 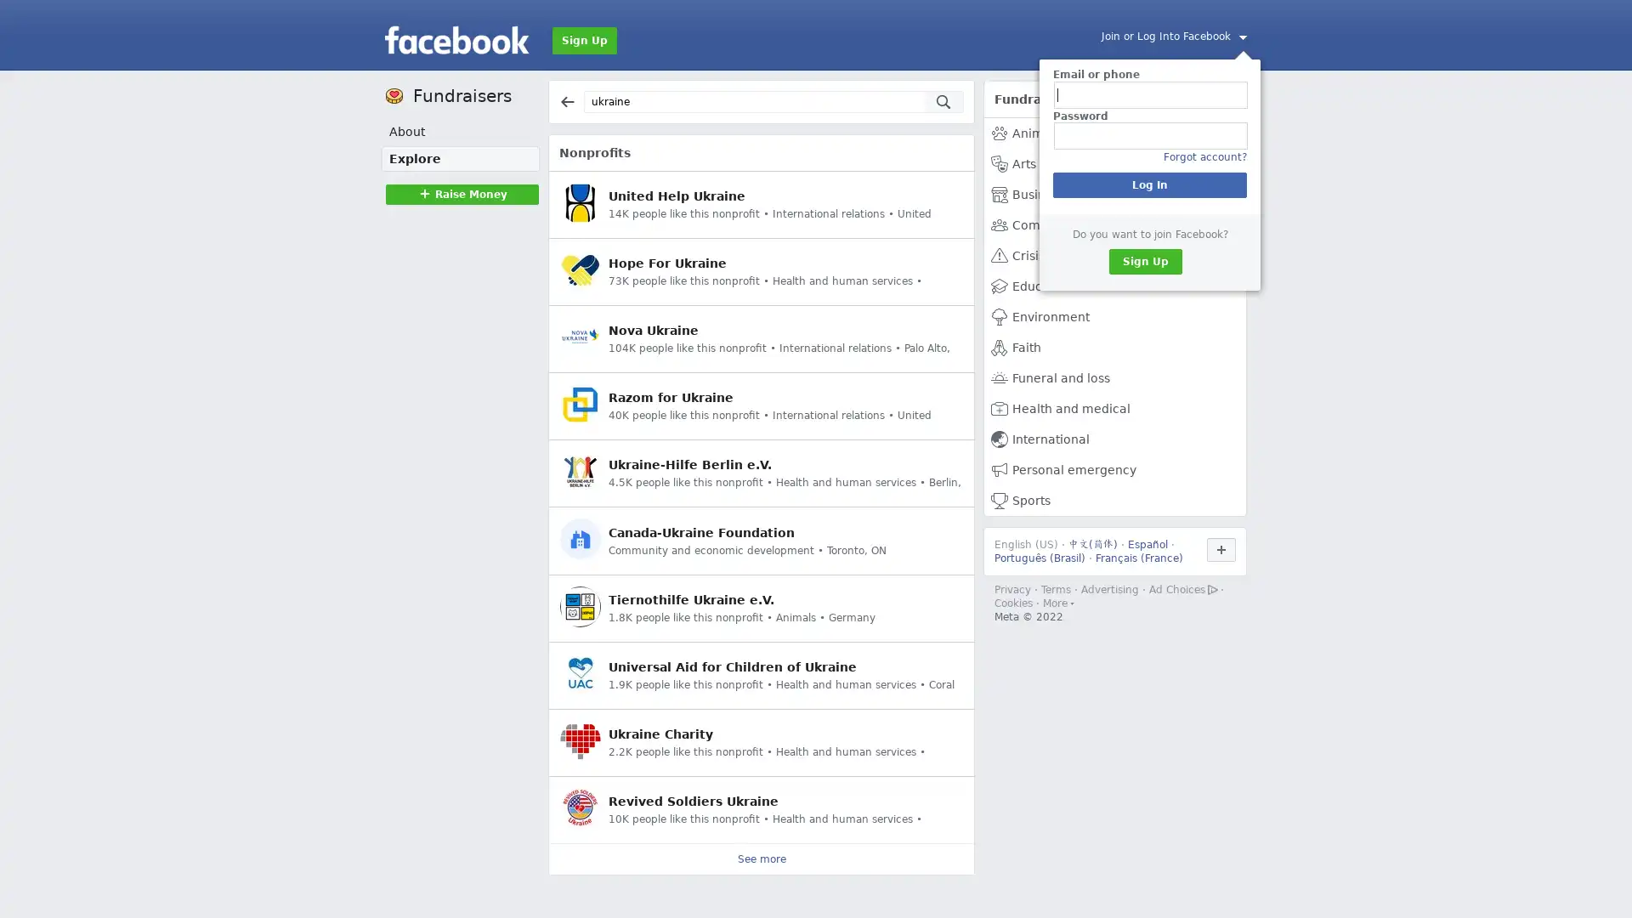 I want to click on Sign Up, so click(x=1146, y=262).